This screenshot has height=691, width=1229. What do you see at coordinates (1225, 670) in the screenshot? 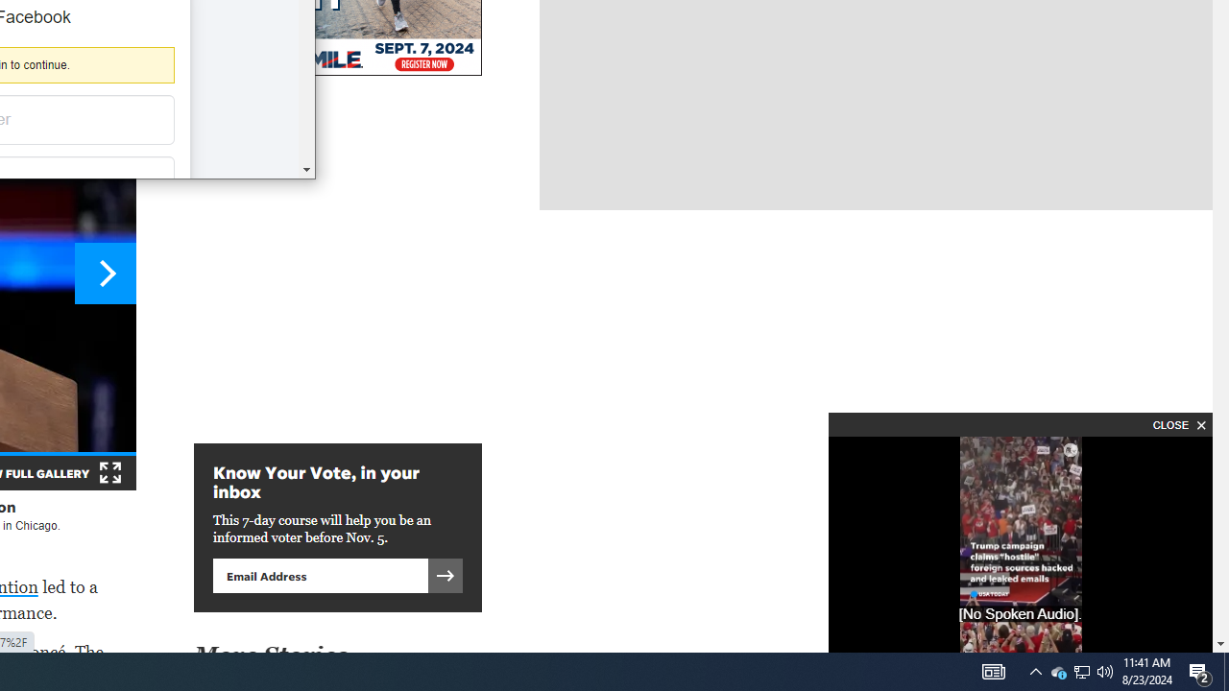
I see `'Show desktop'` at bounding box center [1225, 670].